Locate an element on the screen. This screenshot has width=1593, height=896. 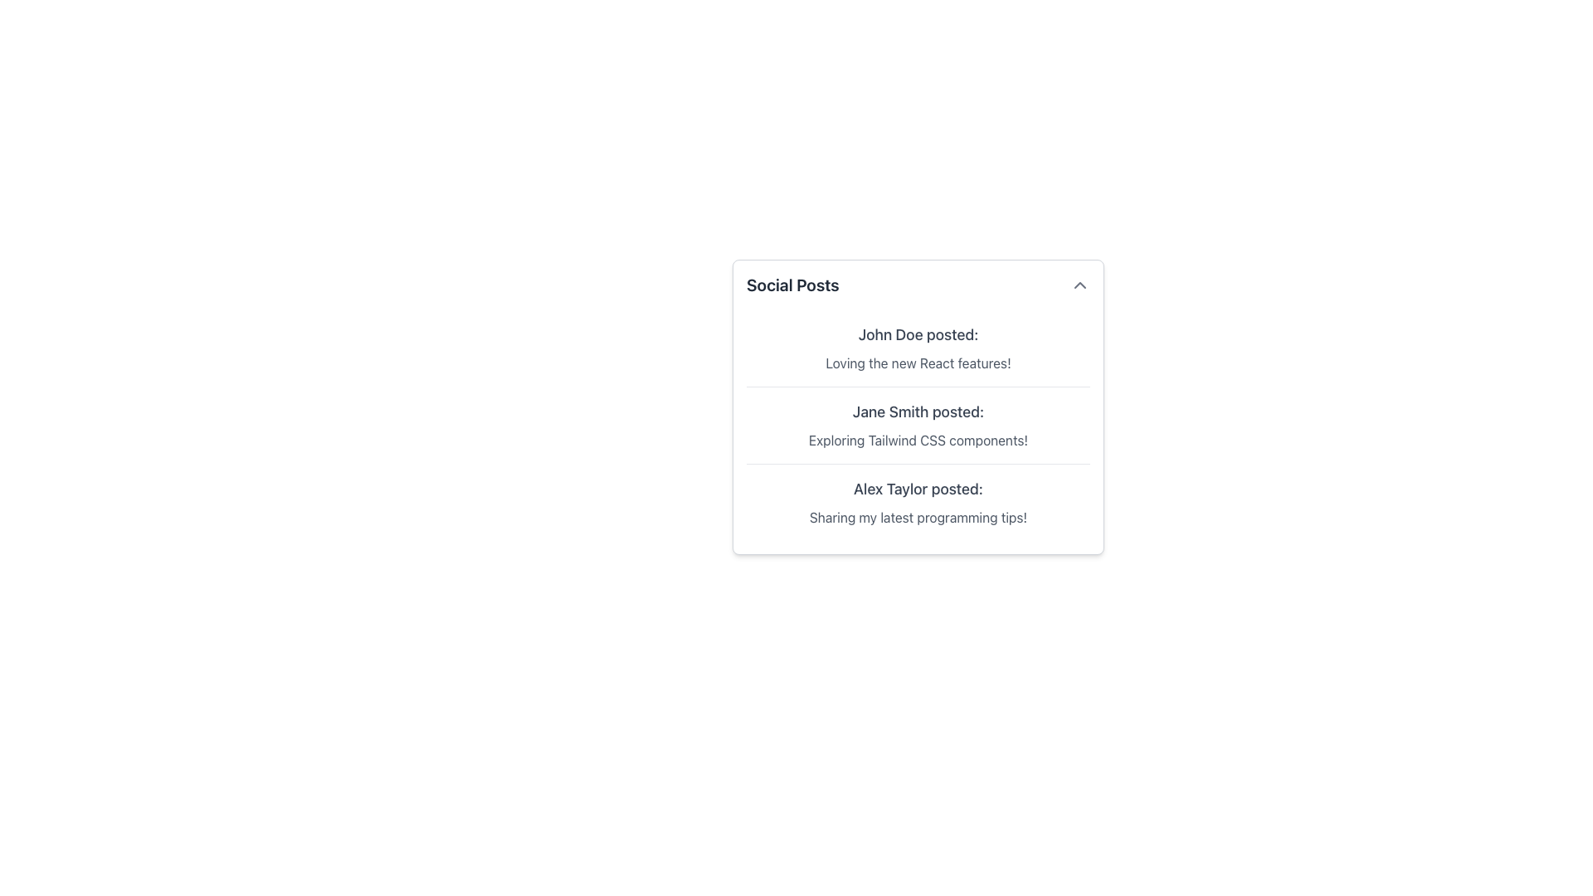
the text label that reads 'Alex Taylor posted:', which is styled with a larger font size and bold typeface, positioned above the smaller text block within the social posts feed is located at coordinates (918, 489).